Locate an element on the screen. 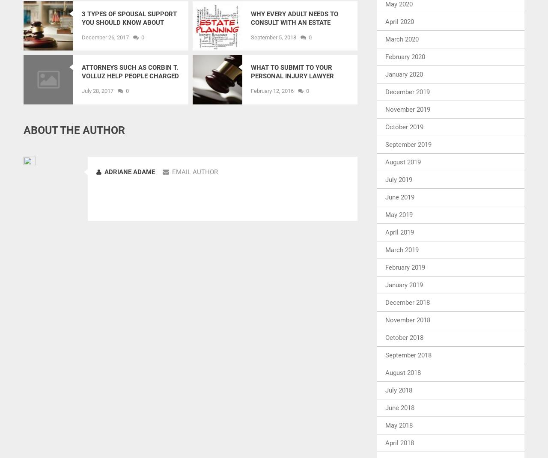  'About The Author' is located at coordinates (74, 130).